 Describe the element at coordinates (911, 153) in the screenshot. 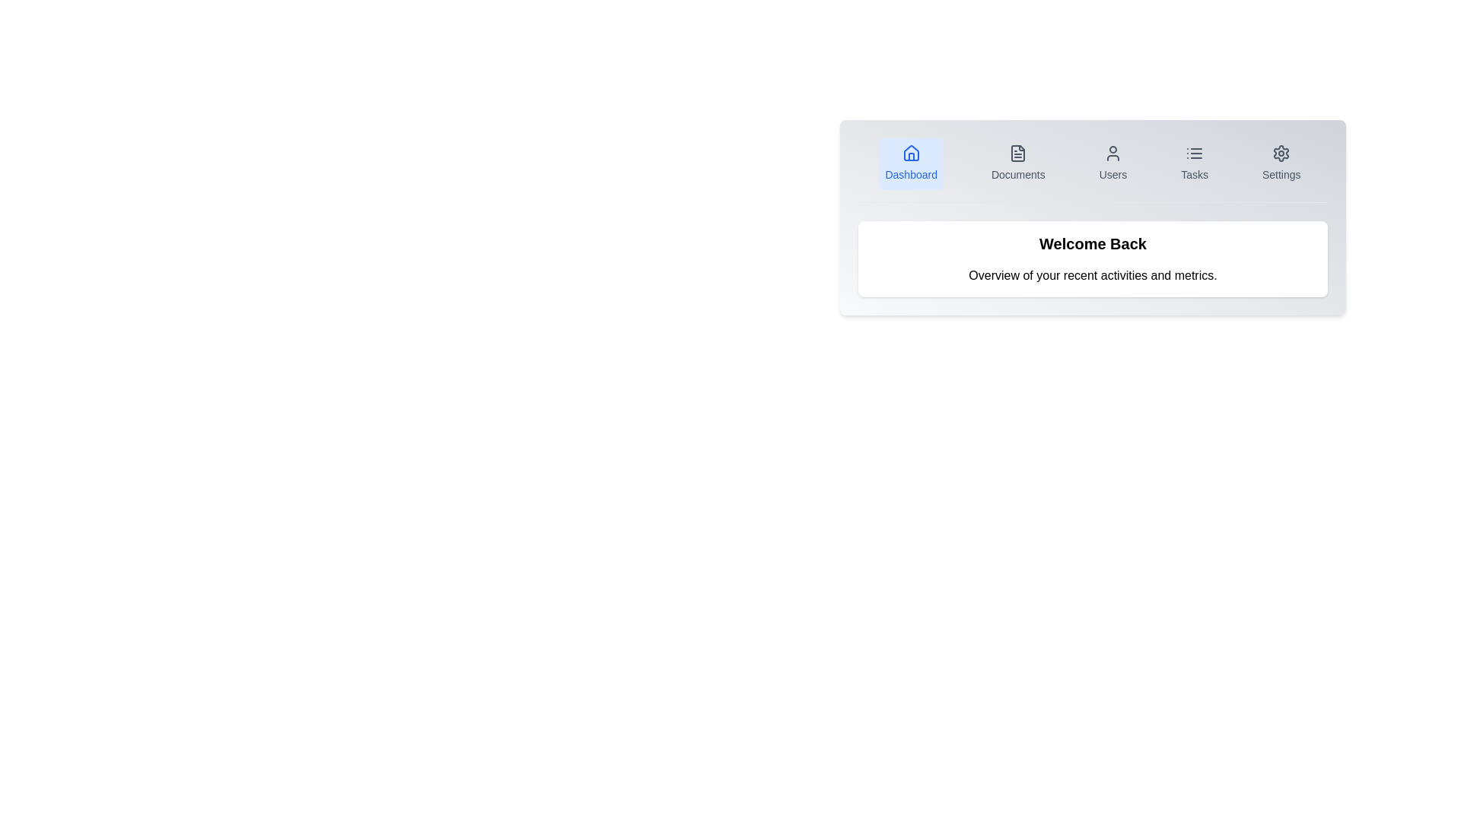

I see `the house icon located in the navigation bar under the 'Dashboard' section` at that location.